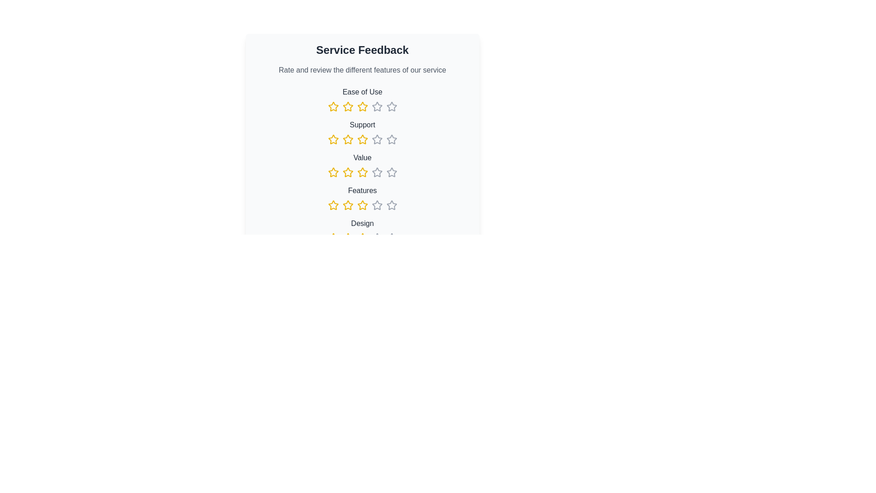 This screenshot has width=876, height=493. I want to click on the star icons in the Rating interface component for 'Ease of Use' feedback located at the first position under the 'Service Feedback' heading, so click(362, 100).